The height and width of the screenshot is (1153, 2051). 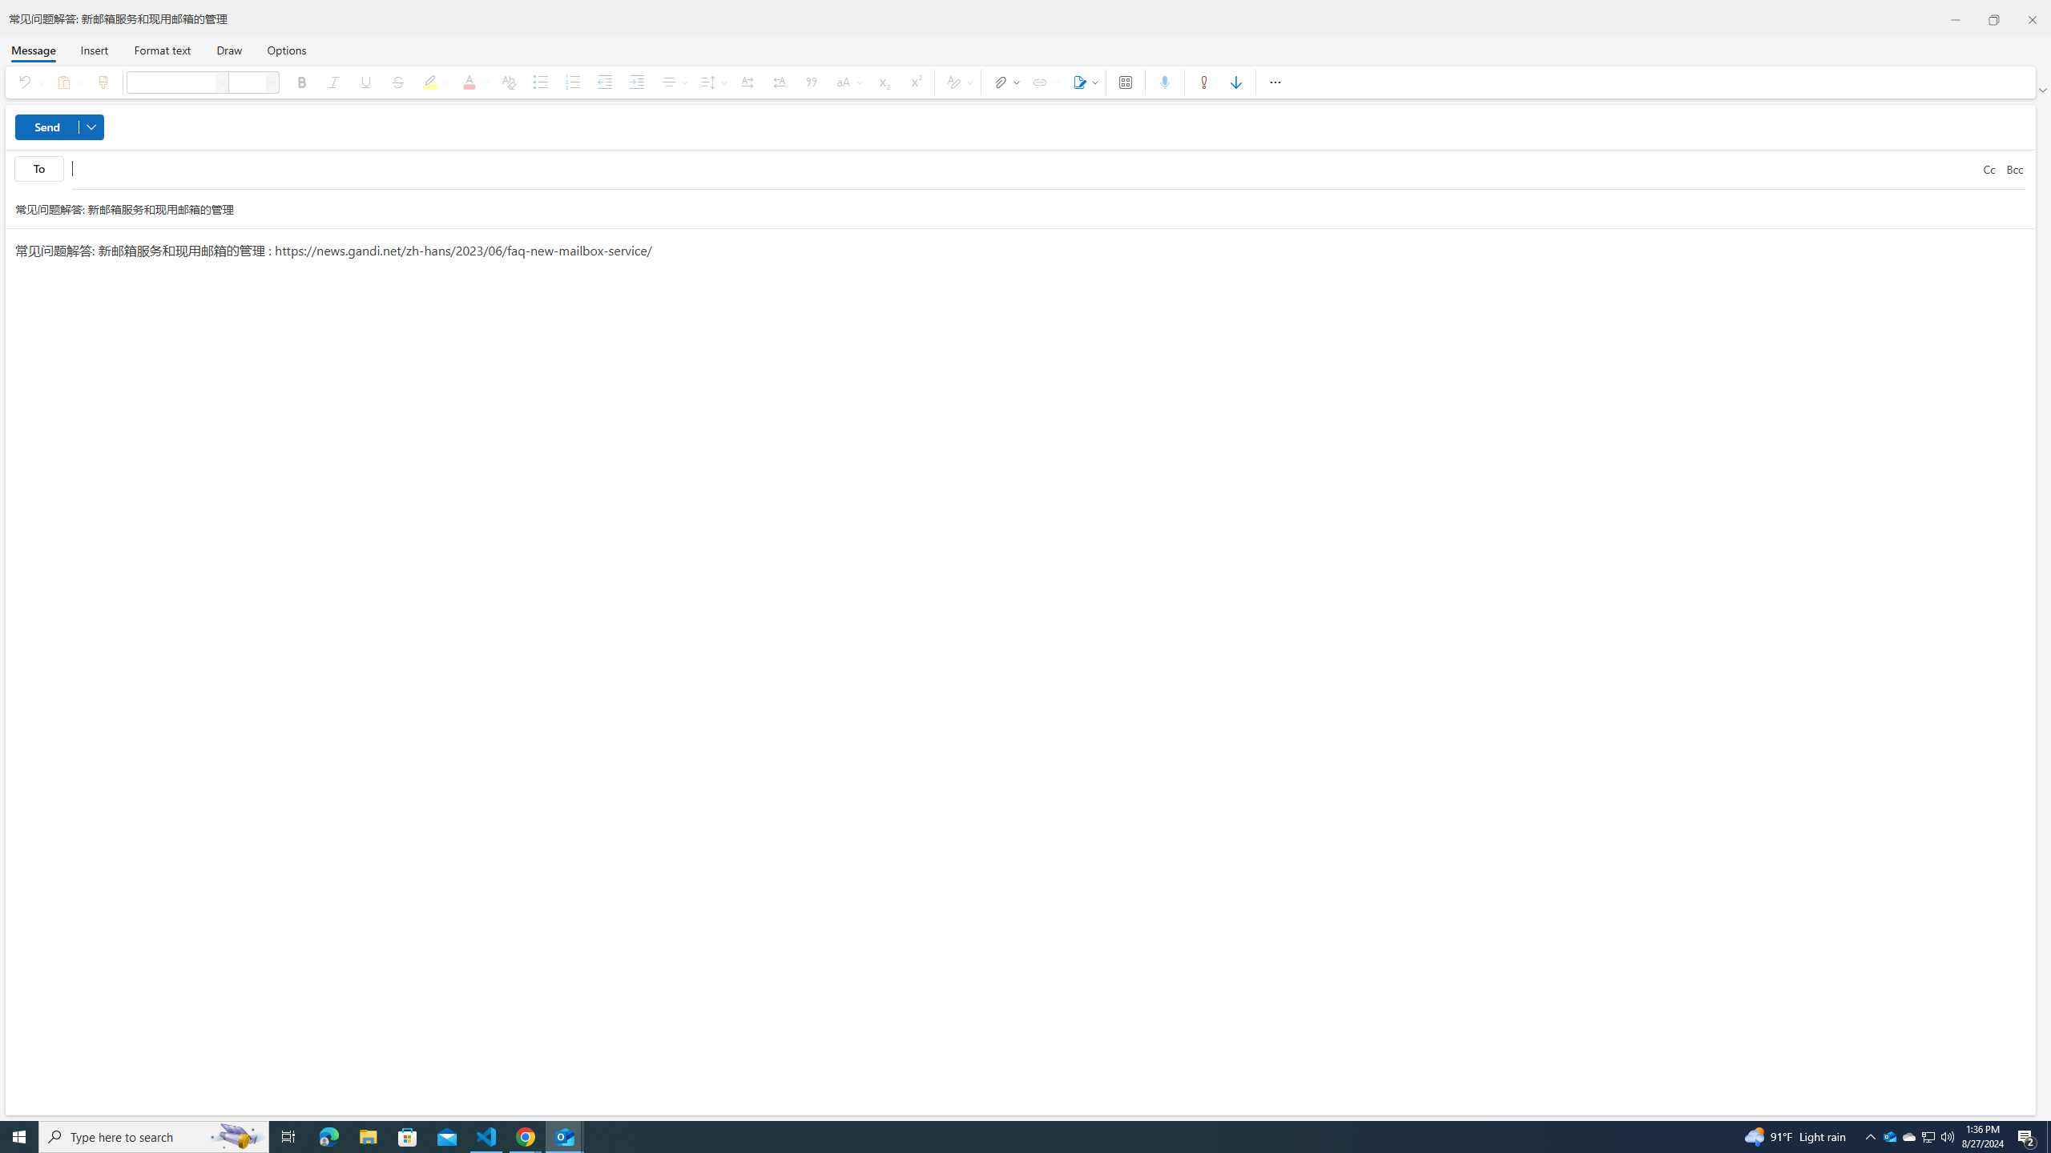 What do you see at coordinates (38, 168) in the screenshot?
I see `'To'` at bounding box center [38, 168].